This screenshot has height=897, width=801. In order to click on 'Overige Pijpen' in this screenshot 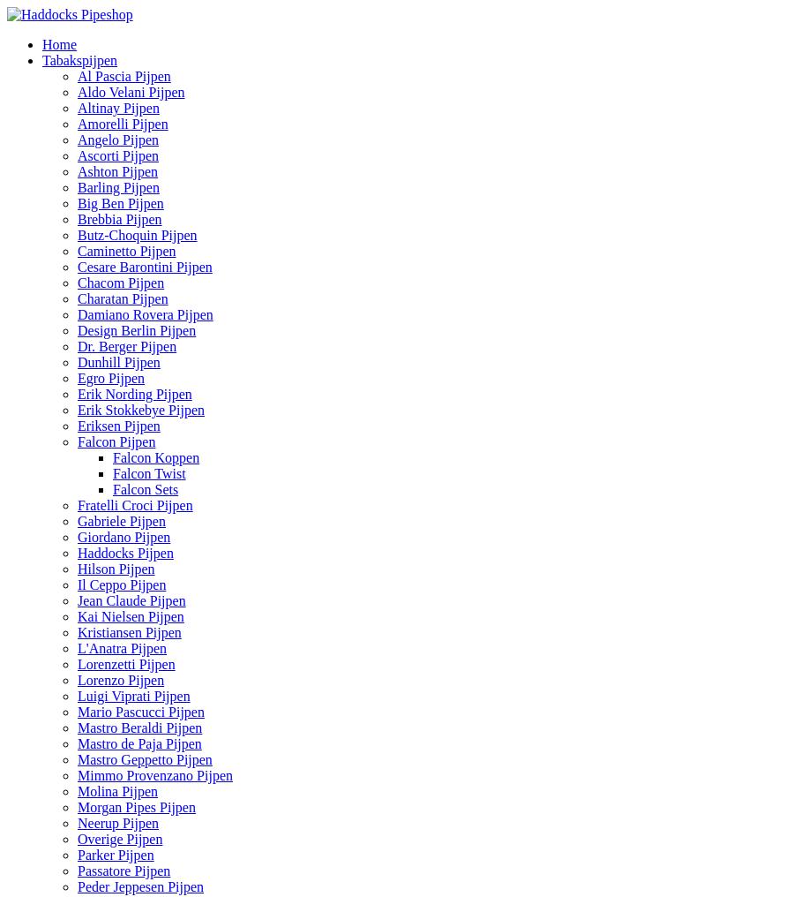, I will do `click(120, 838)`.